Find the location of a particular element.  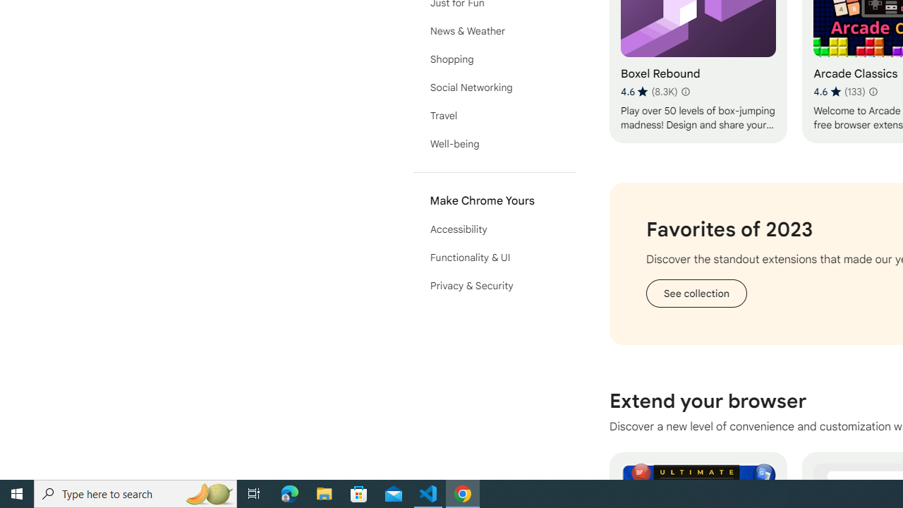

'Shopping' is located at coordinates (494, 58).